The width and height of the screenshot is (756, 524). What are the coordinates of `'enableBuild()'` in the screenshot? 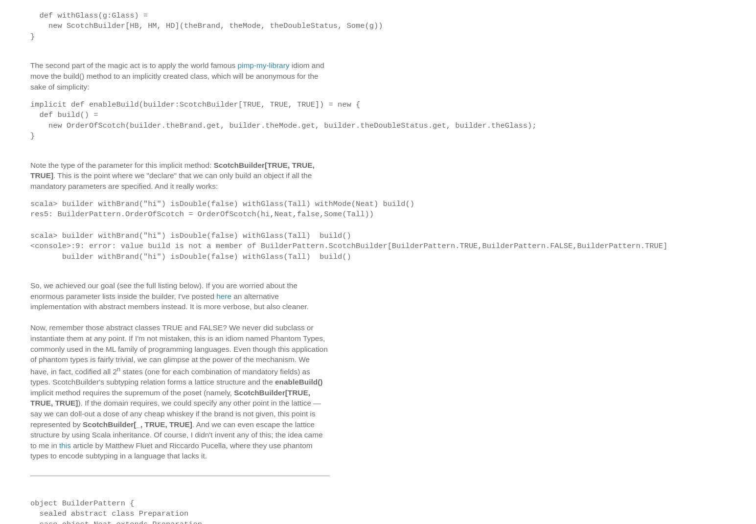 It's located at (298, 381).